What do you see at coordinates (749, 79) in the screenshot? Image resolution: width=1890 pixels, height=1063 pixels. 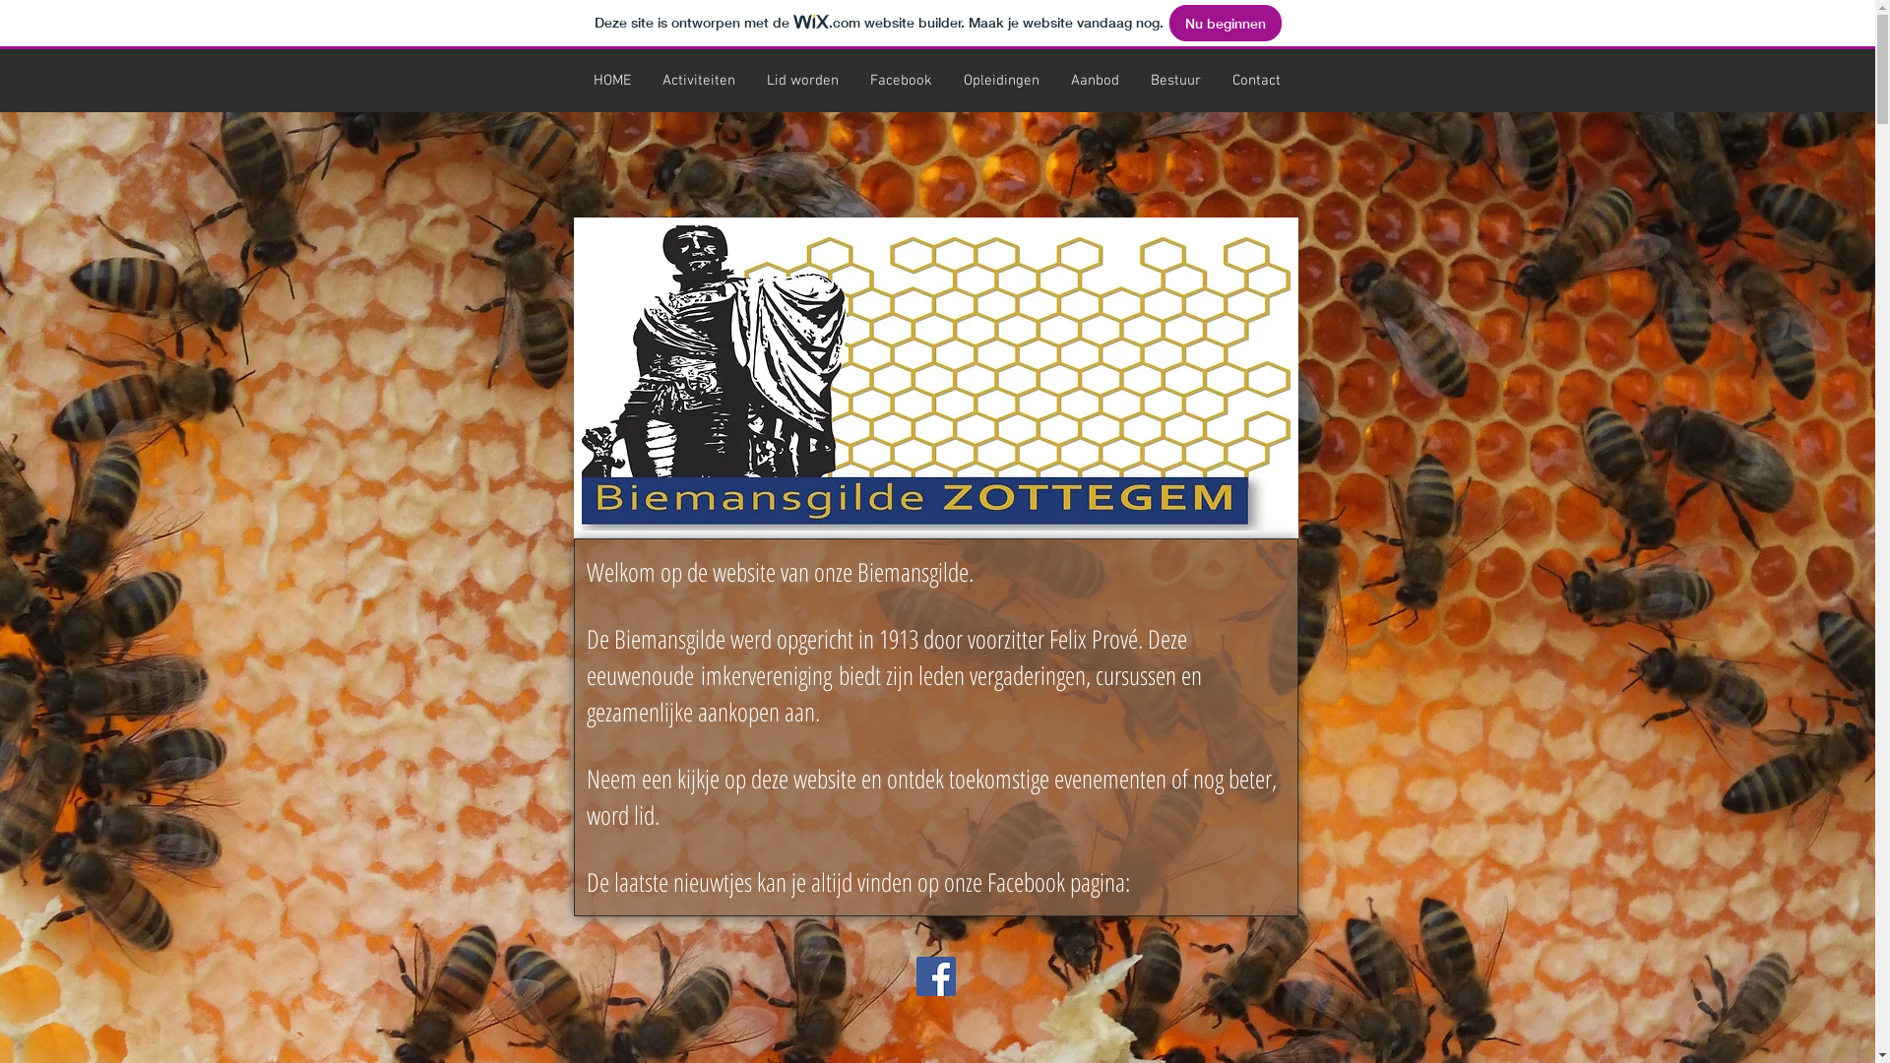 I see `'Lid worden'` at bounding box center [749, 79].